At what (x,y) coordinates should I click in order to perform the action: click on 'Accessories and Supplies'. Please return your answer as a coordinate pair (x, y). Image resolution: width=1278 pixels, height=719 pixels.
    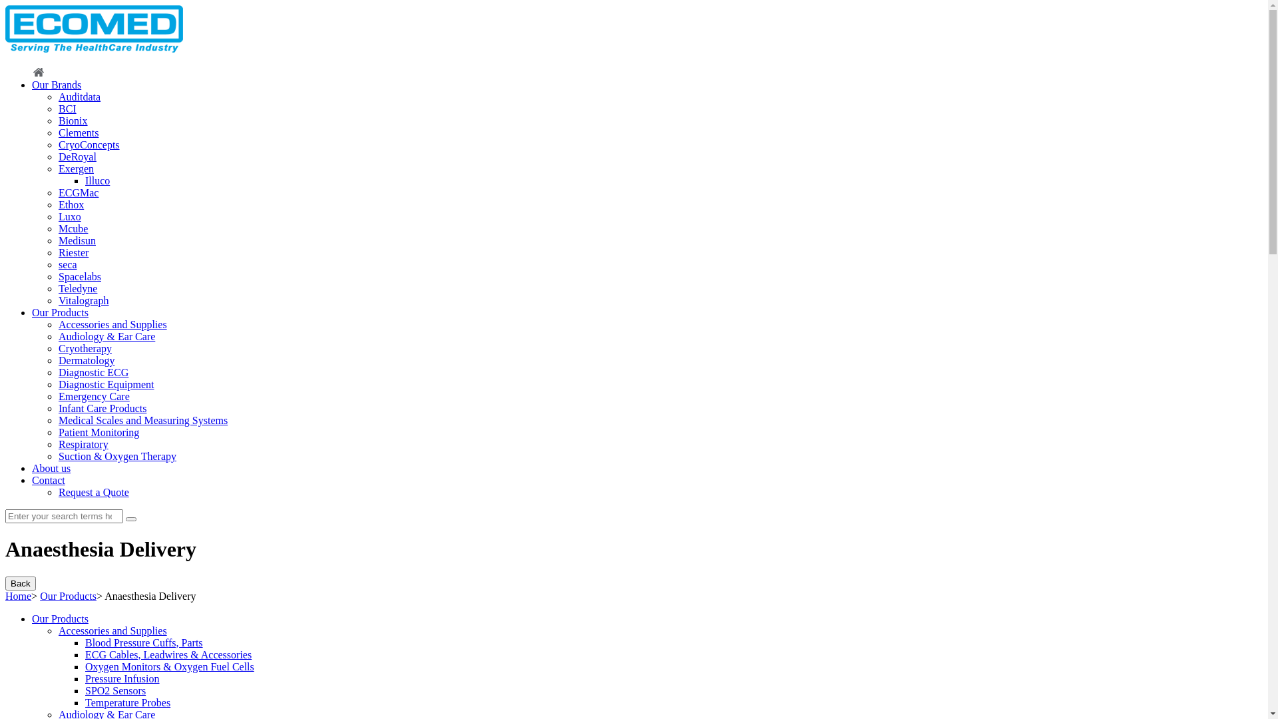
    Looking at the image, I should click on (112, 324).